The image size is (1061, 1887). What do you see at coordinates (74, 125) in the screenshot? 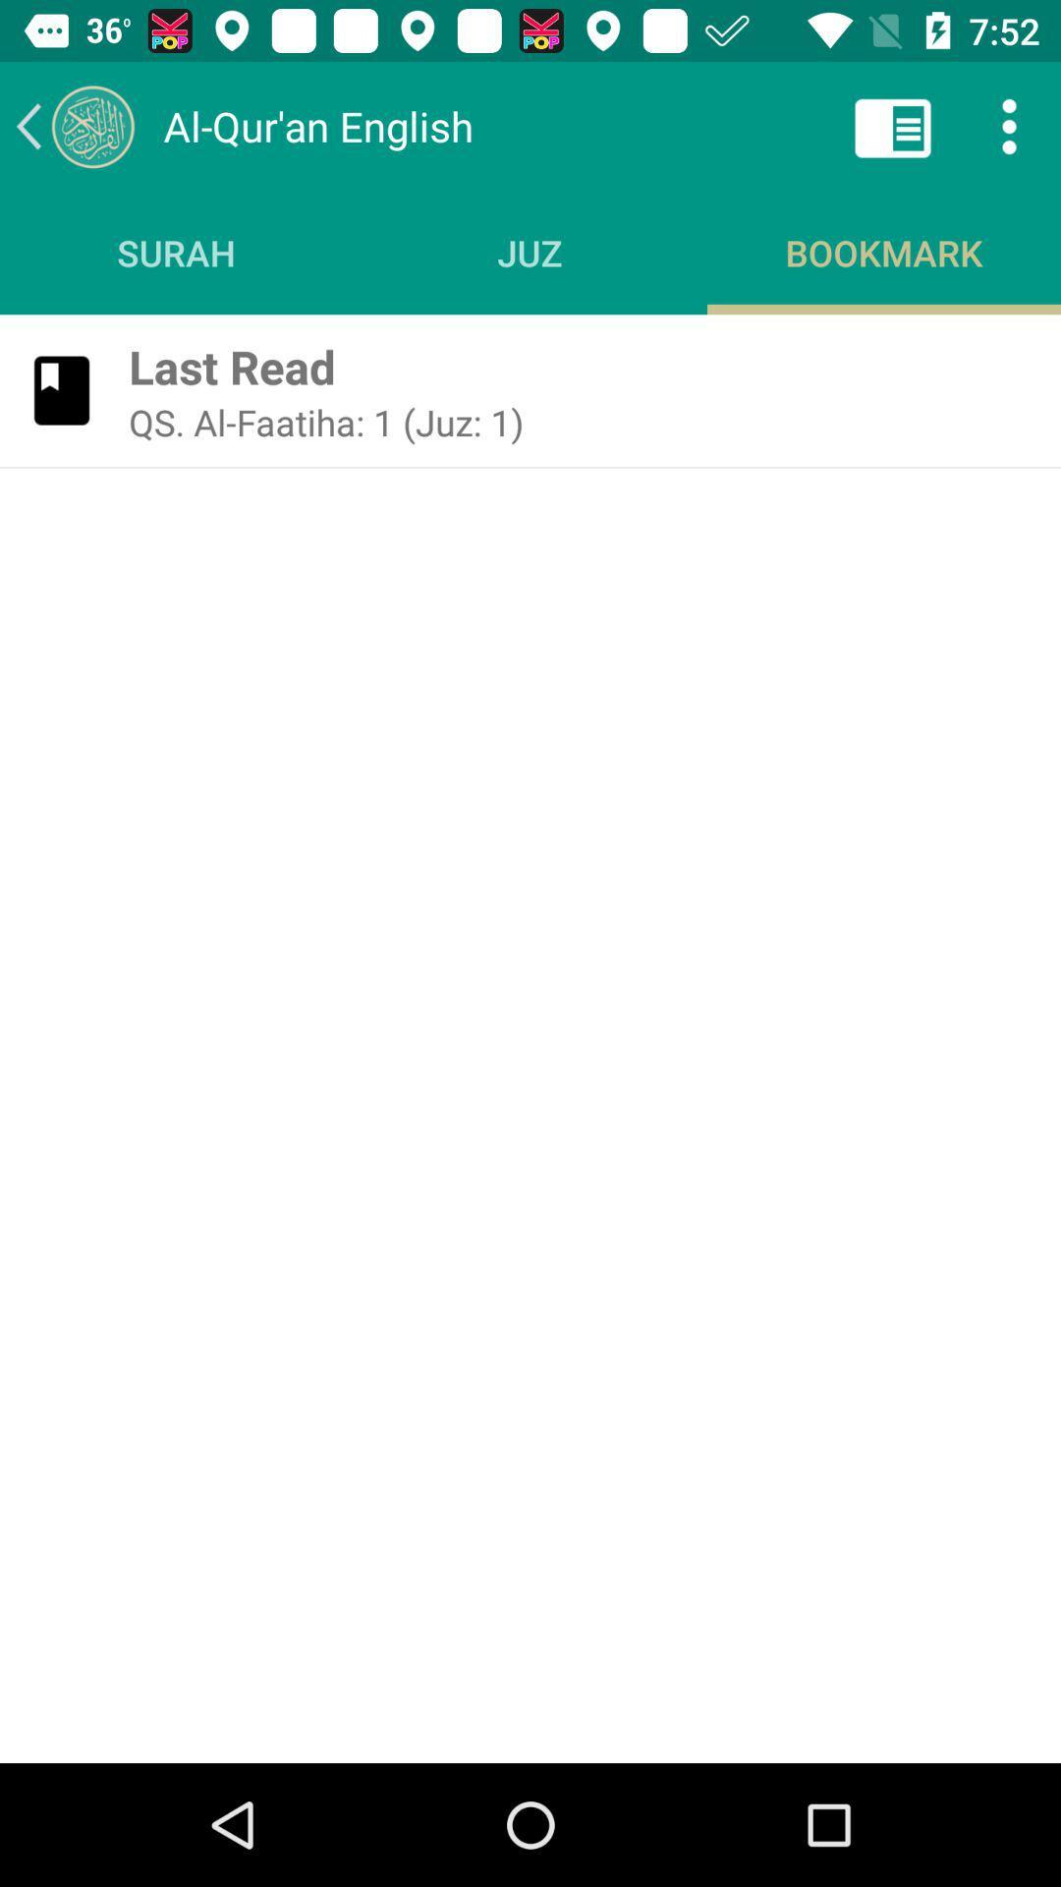
I see `the icon above the surah icon` at bounding box center [74, 125].